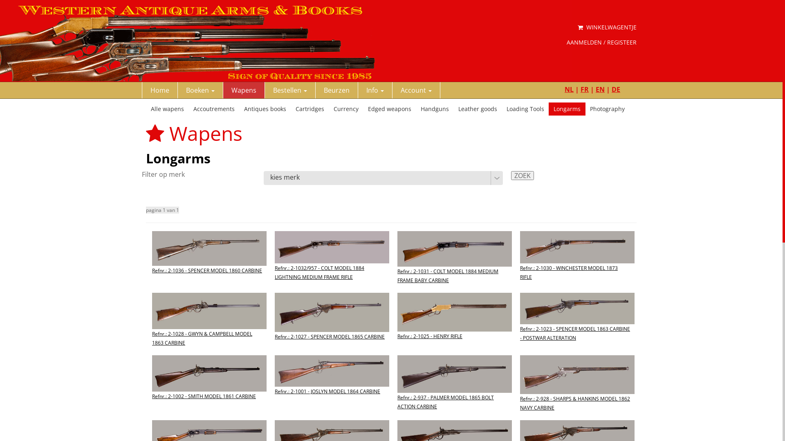 The height and width of the screenshot is (441, 785). I want to click on 'Refnr.: 2-1002 - SMITH MODEL 1861 CARBINE', so click(209, 385).